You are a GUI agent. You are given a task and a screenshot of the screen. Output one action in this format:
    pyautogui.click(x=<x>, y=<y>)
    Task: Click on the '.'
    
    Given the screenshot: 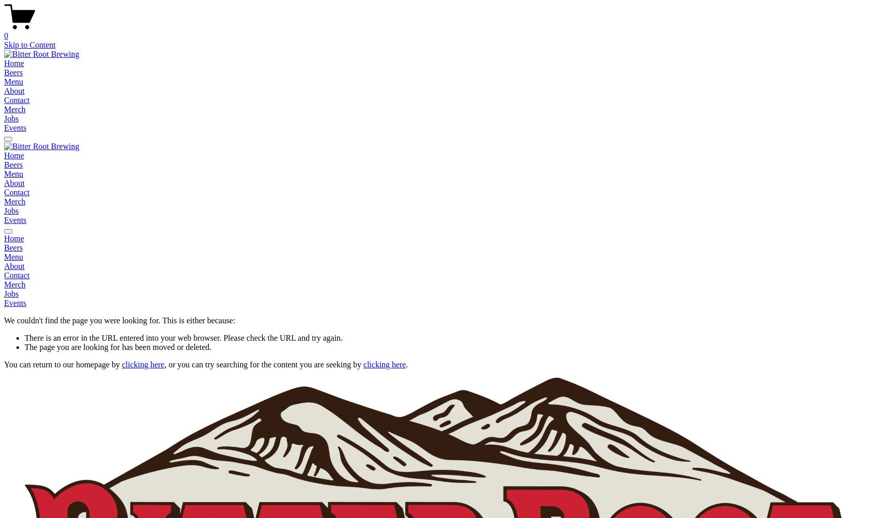 What is the action you would take?
    pyautogui.click(x=405, y=364)
    